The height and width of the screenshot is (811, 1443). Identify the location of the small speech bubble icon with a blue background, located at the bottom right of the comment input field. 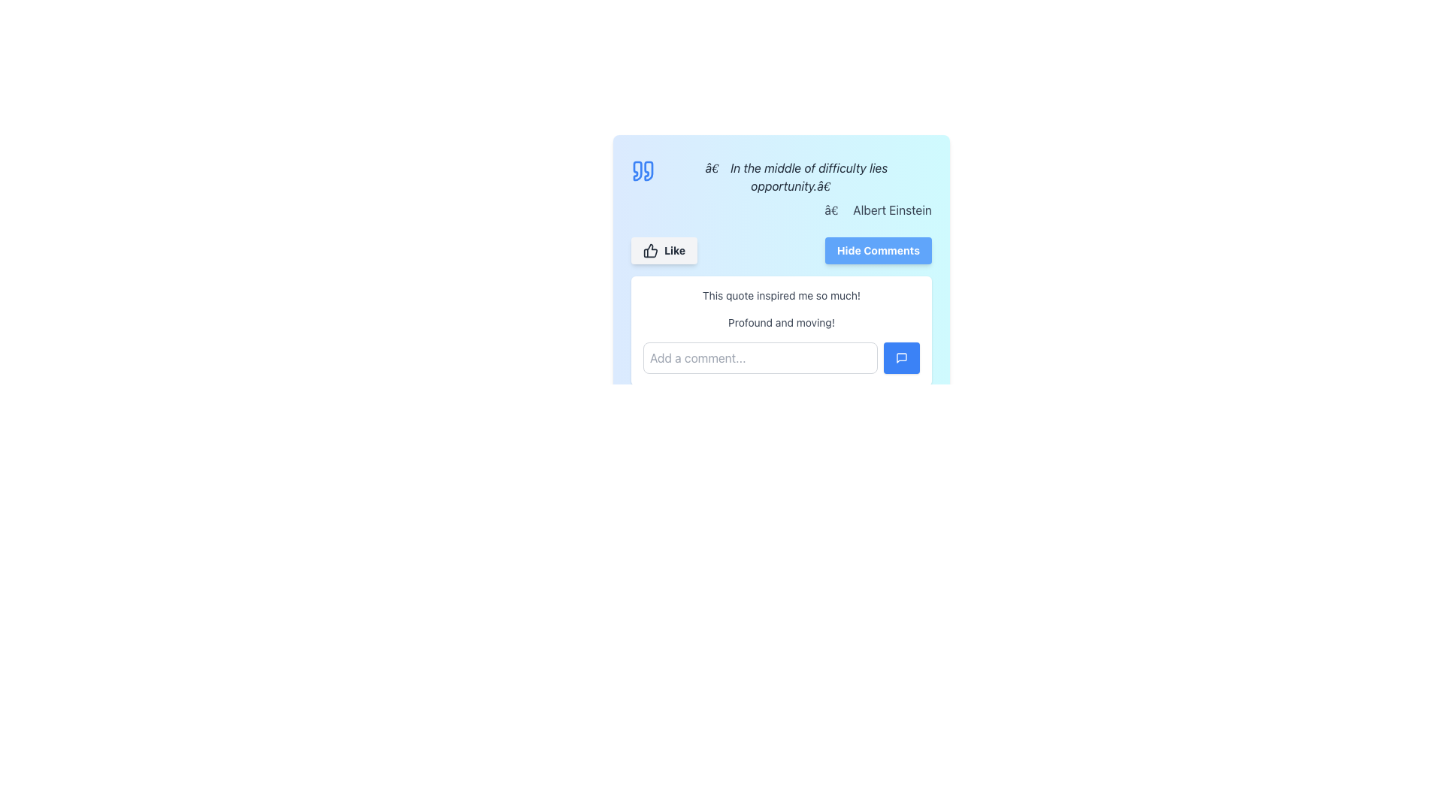
(902, 358).